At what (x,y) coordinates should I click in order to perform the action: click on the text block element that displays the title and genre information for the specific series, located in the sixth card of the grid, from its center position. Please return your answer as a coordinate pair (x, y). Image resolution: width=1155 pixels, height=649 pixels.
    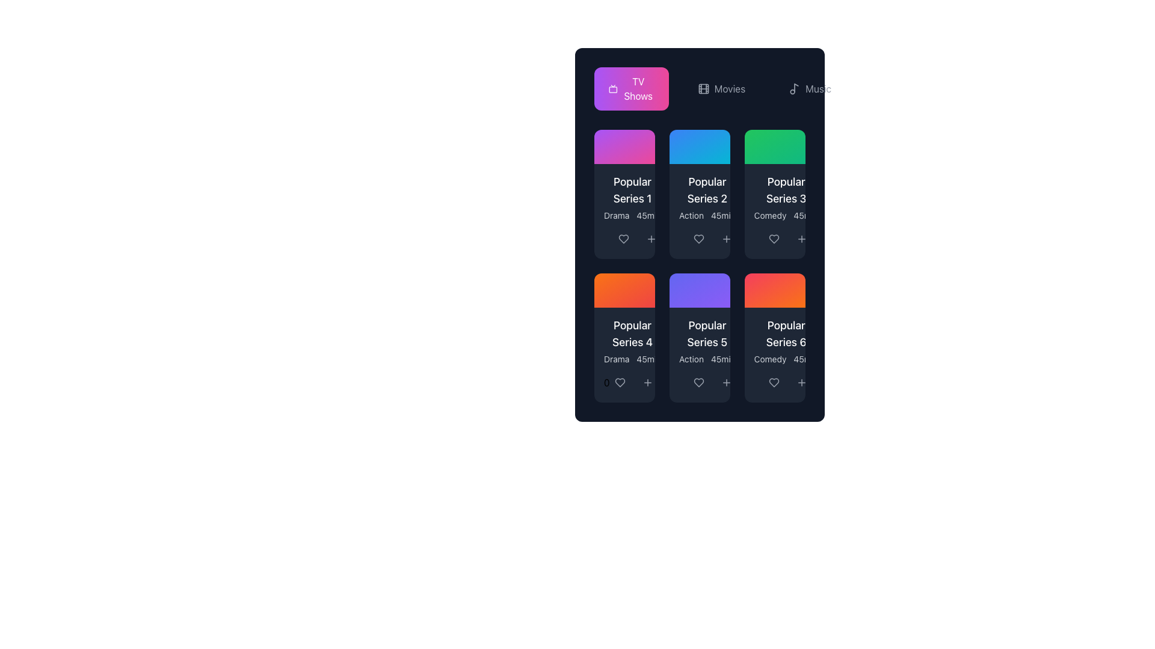
    Looking at the image, I should click on (786, 341).